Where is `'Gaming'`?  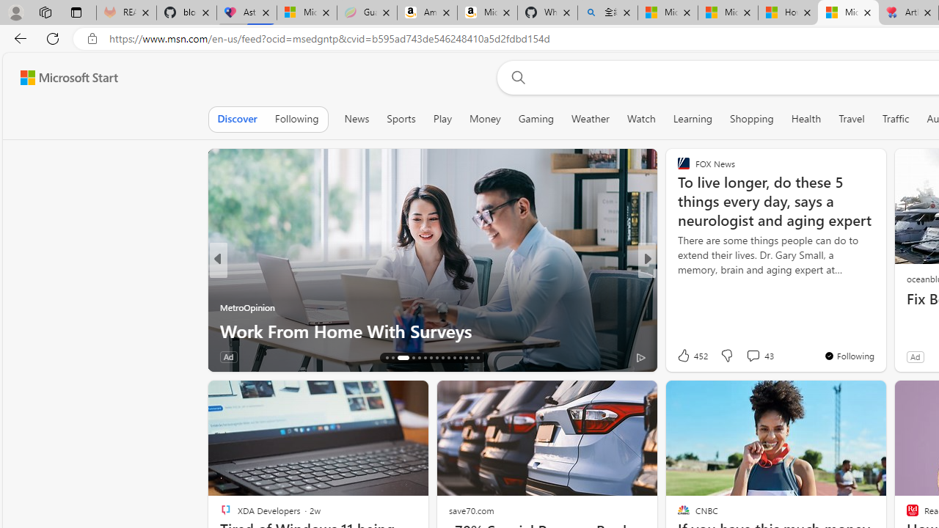 'Gaming' is located at coordinates (535, 118).